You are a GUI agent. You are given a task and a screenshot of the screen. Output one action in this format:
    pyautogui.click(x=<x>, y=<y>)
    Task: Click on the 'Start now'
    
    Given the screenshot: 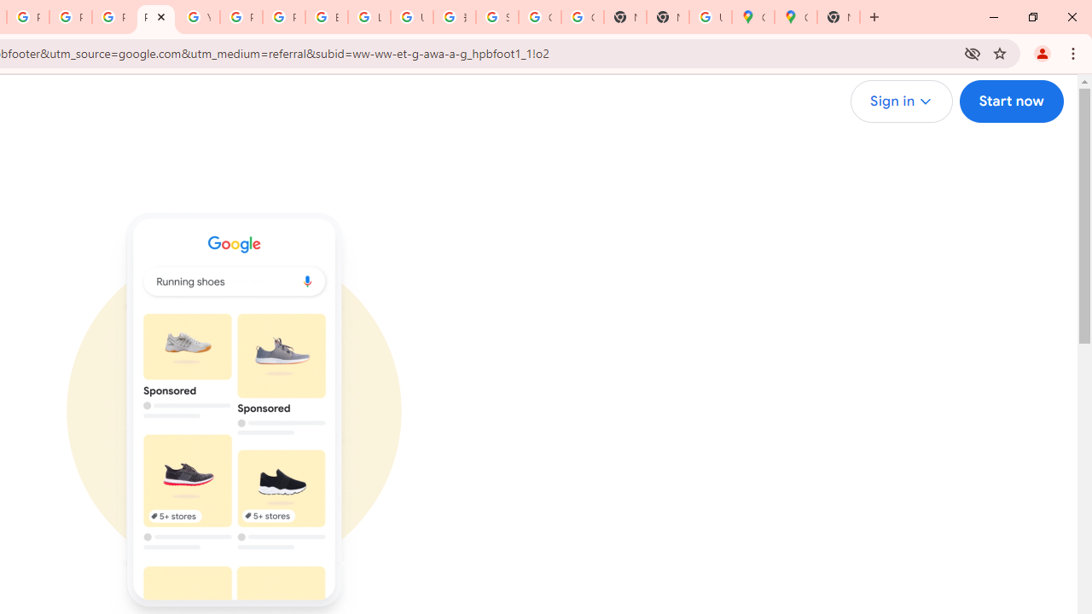 What is the action you would take?
    pyautogui.click(x=1011, y=101)
    